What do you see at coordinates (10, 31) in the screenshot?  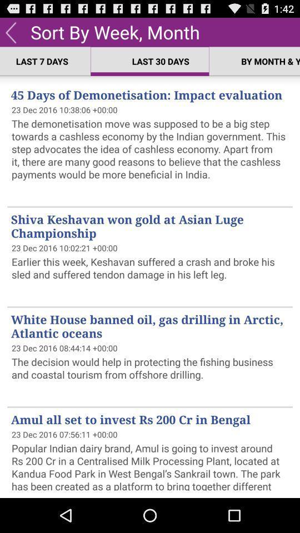 I see `the app to the left of sort by week` at bounding box center [10, 31].